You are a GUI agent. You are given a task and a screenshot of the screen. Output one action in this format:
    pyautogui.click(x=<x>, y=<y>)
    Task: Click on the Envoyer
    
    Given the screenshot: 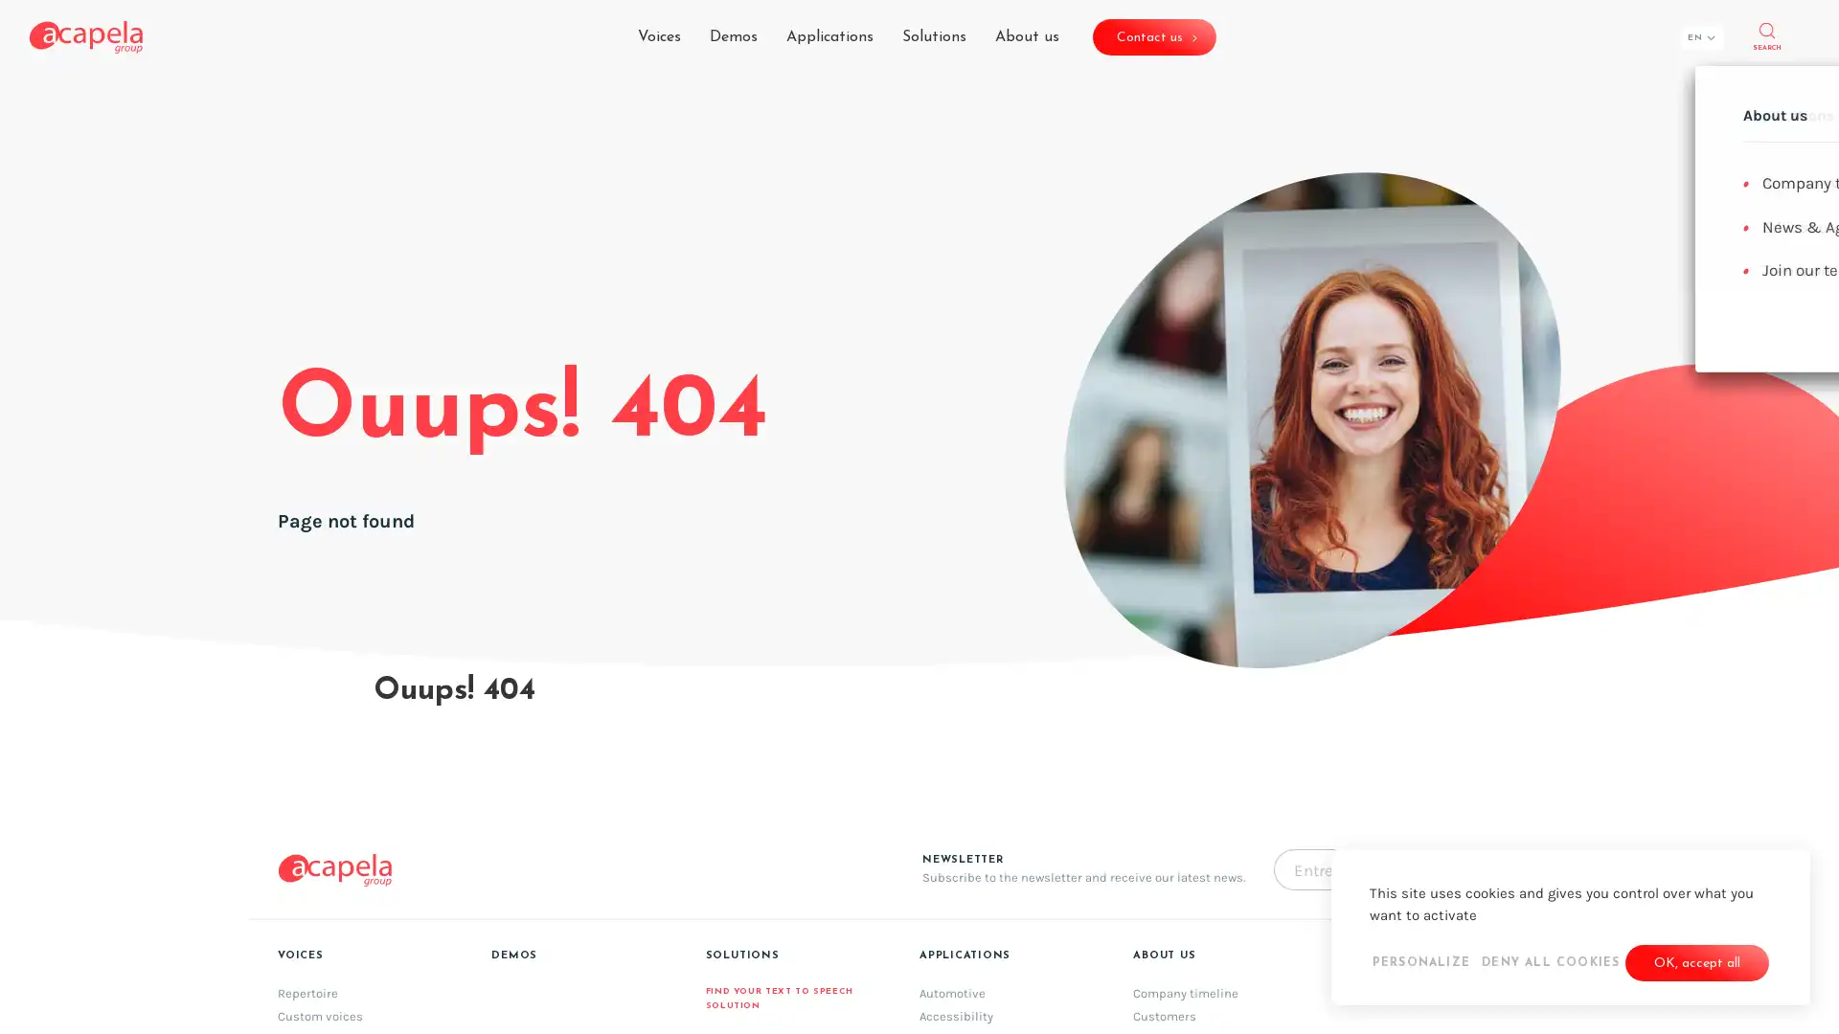 What is the action you would take?
    pyautogui.click(x=1491, y=869)
    